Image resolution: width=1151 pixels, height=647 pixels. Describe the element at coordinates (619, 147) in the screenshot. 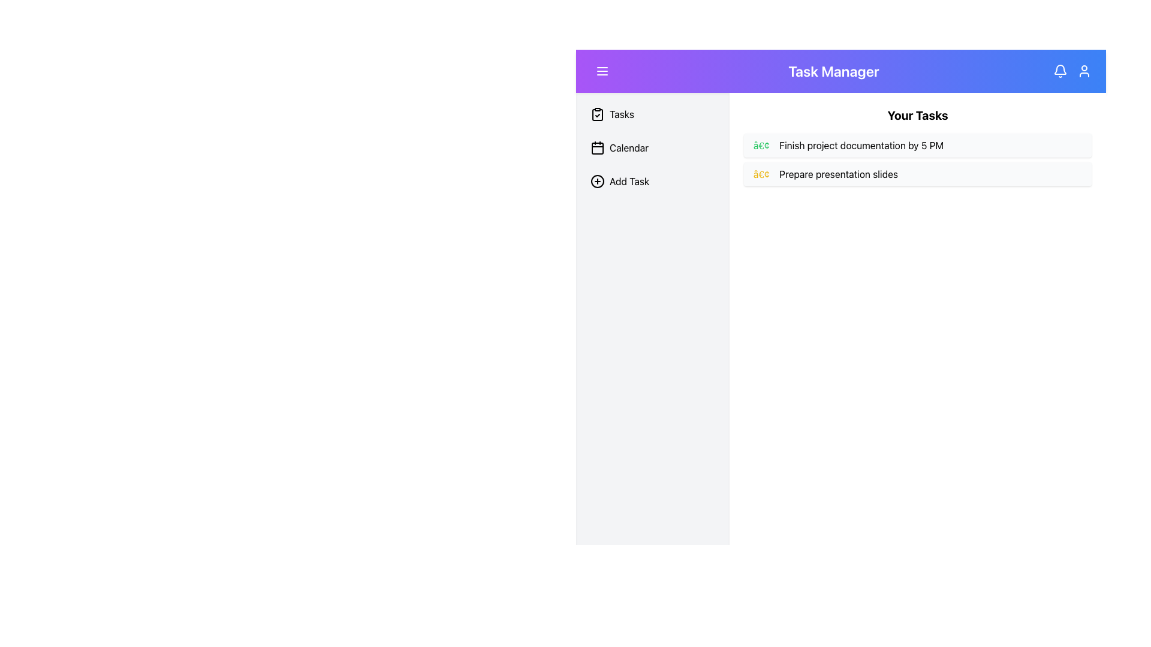

I see `the navigational menu button for calendar access located between 'Tasks' and 'Add Task'` at that location.